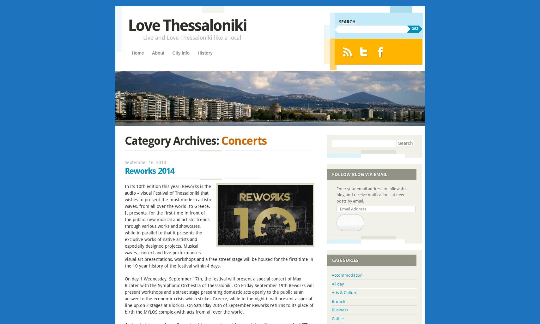 The height and width of the screenshot is (324, 540). What do you see at coordinates (411, 28) in the screenshot?
I see `'GO'` at bounding box center [411, 28].